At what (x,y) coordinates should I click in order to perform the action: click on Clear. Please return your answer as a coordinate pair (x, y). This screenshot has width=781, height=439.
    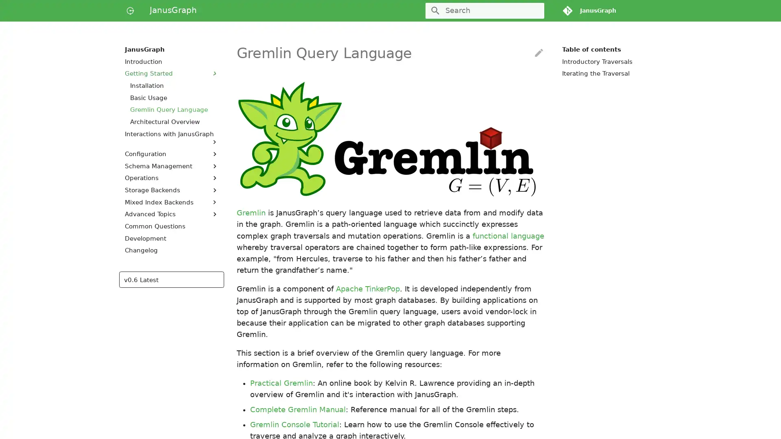
    Looking at the image, I should click on (534, 11).